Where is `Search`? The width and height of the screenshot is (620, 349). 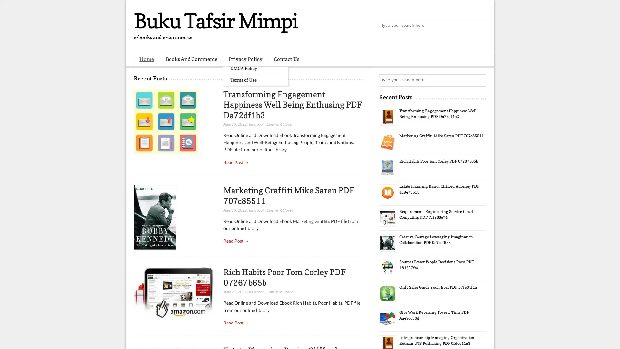
Search is located at coordinates (480, 80).